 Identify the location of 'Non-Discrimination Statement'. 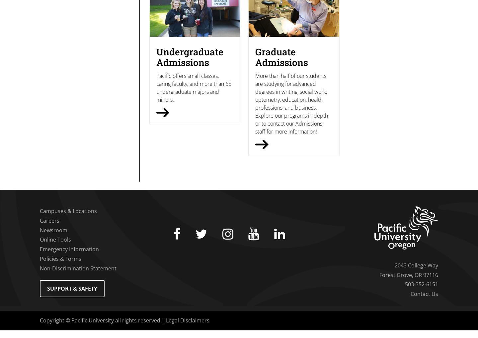
(78, 268).